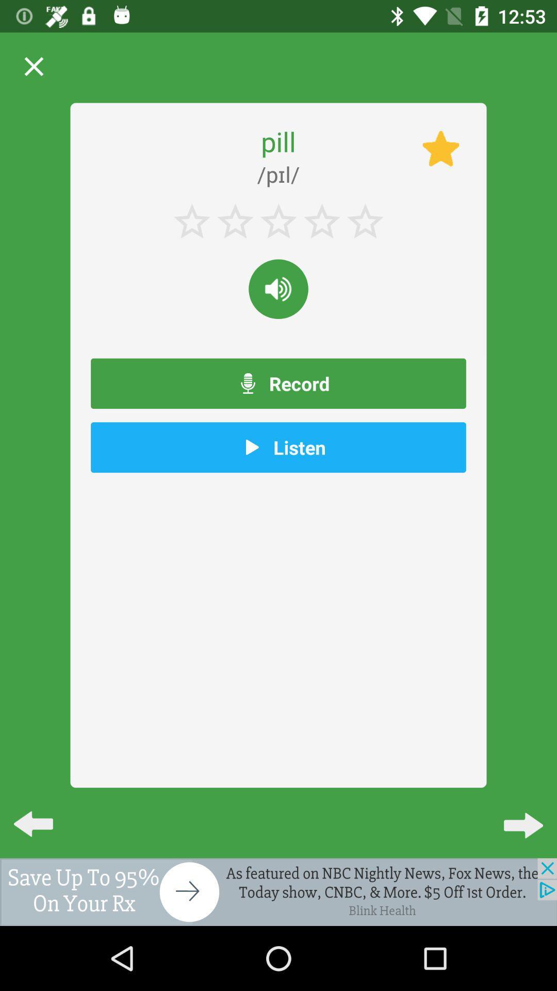 The width and height of the screenshot is (557, 991). What do you see at coordinates (278, 289) in the screenshot?
I see `sound` at bounding box center [278, 289].